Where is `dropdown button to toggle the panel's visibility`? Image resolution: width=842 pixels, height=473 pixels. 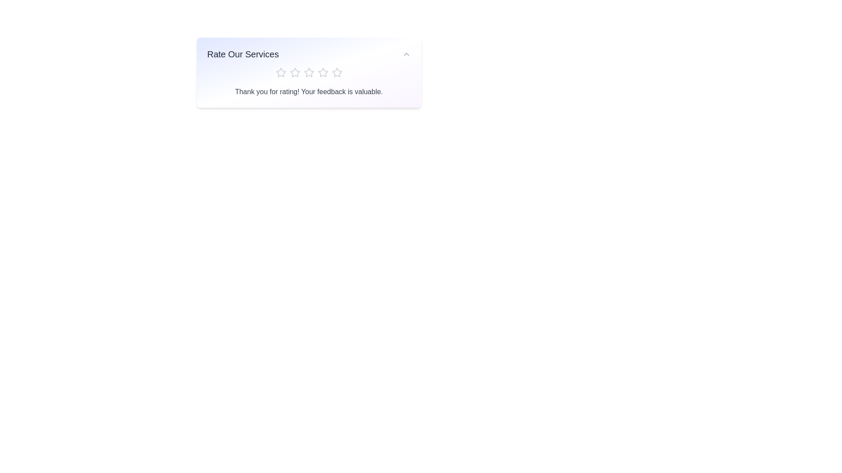 dropdown button to toggle the panel's visibility is located at coordinates (406, 54).